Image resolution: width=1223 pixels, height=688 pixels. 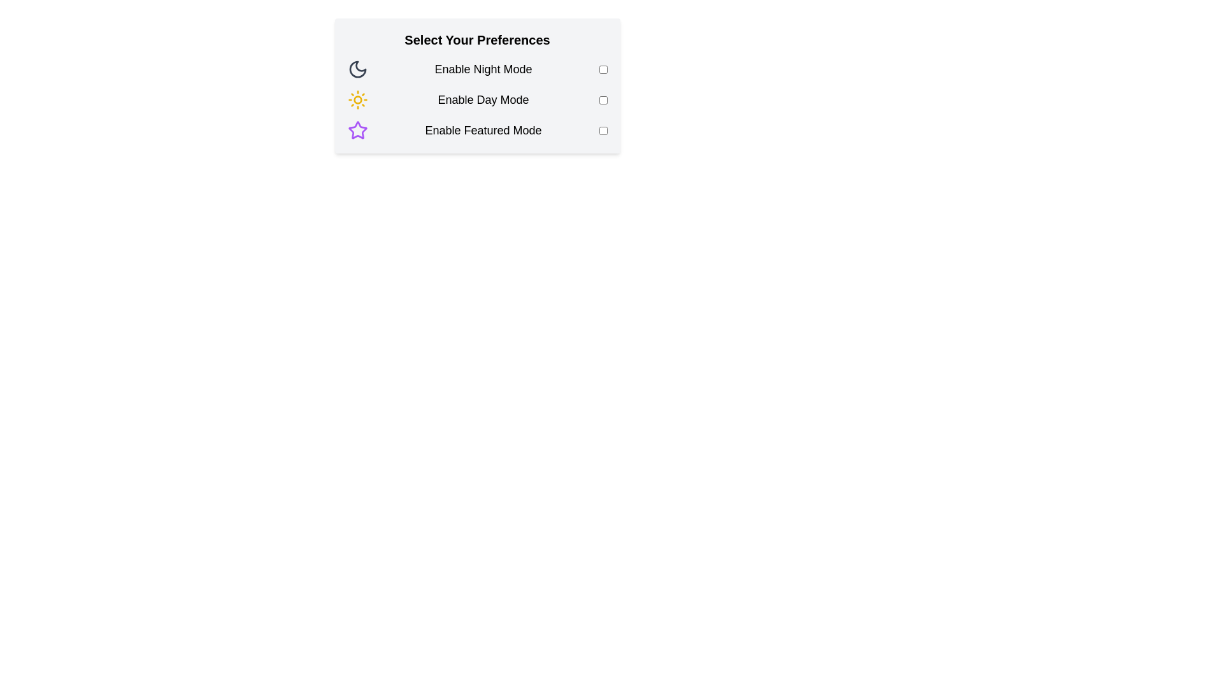 What do you see at coordinates (357, 99) in the screenshot?
I see `sun icon that visually represents 'Enable Day Mode', located to the left of the label text` at bounding box center [357, 99].